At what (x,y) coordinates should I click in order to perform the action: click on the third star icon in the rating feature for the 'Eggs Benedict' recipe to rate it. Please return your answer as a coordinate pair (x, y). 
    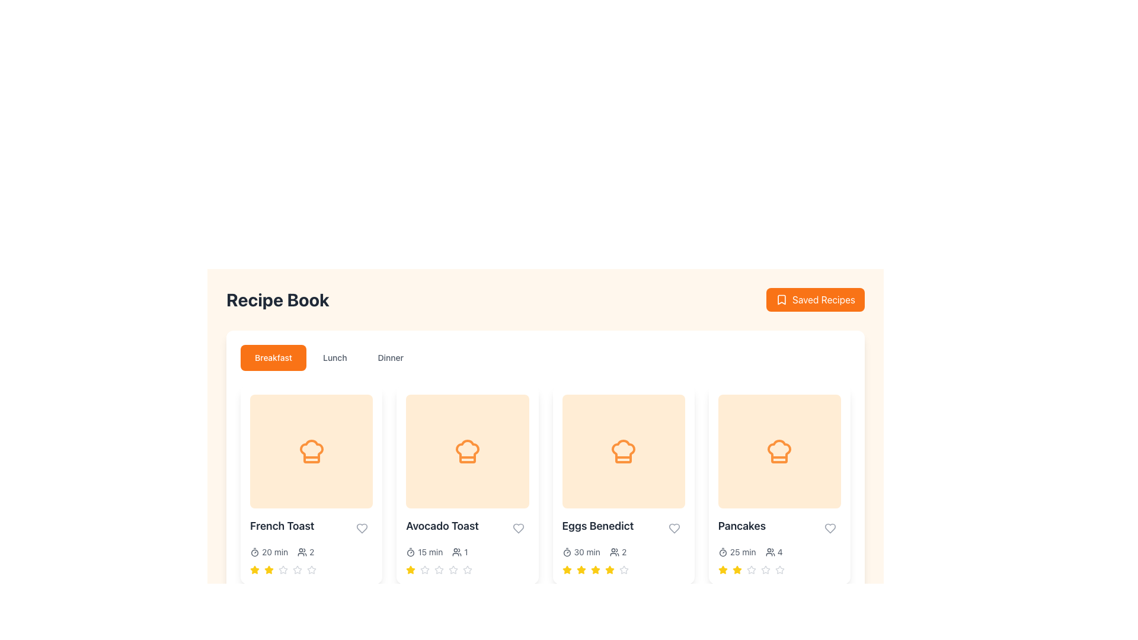
    Looking at the image, I should click on (595, 569).